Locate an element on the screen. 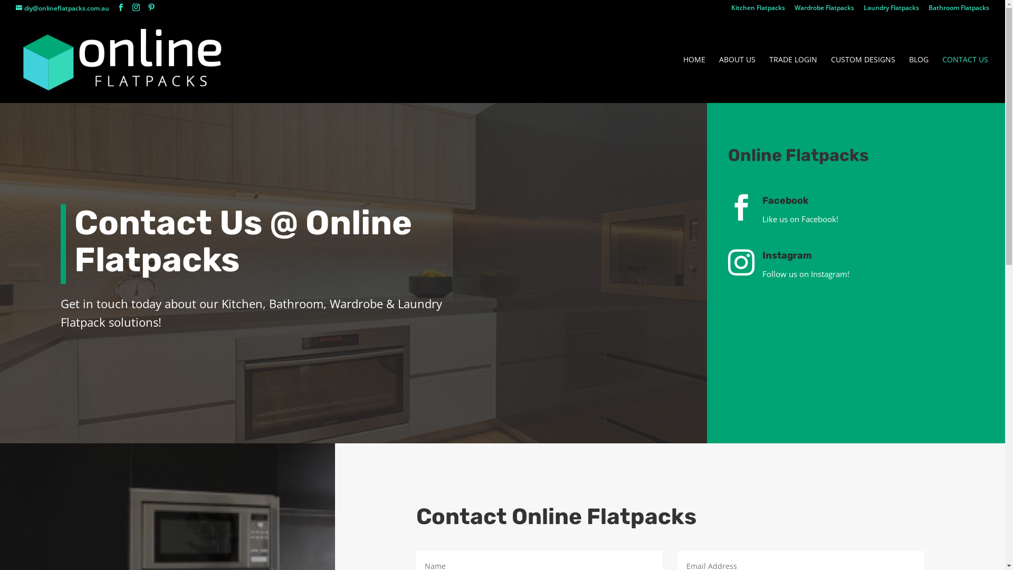 This screenshot has width=1013, height=570. 'Kitchen Flatpacks' is located at coordinates (757, 10).